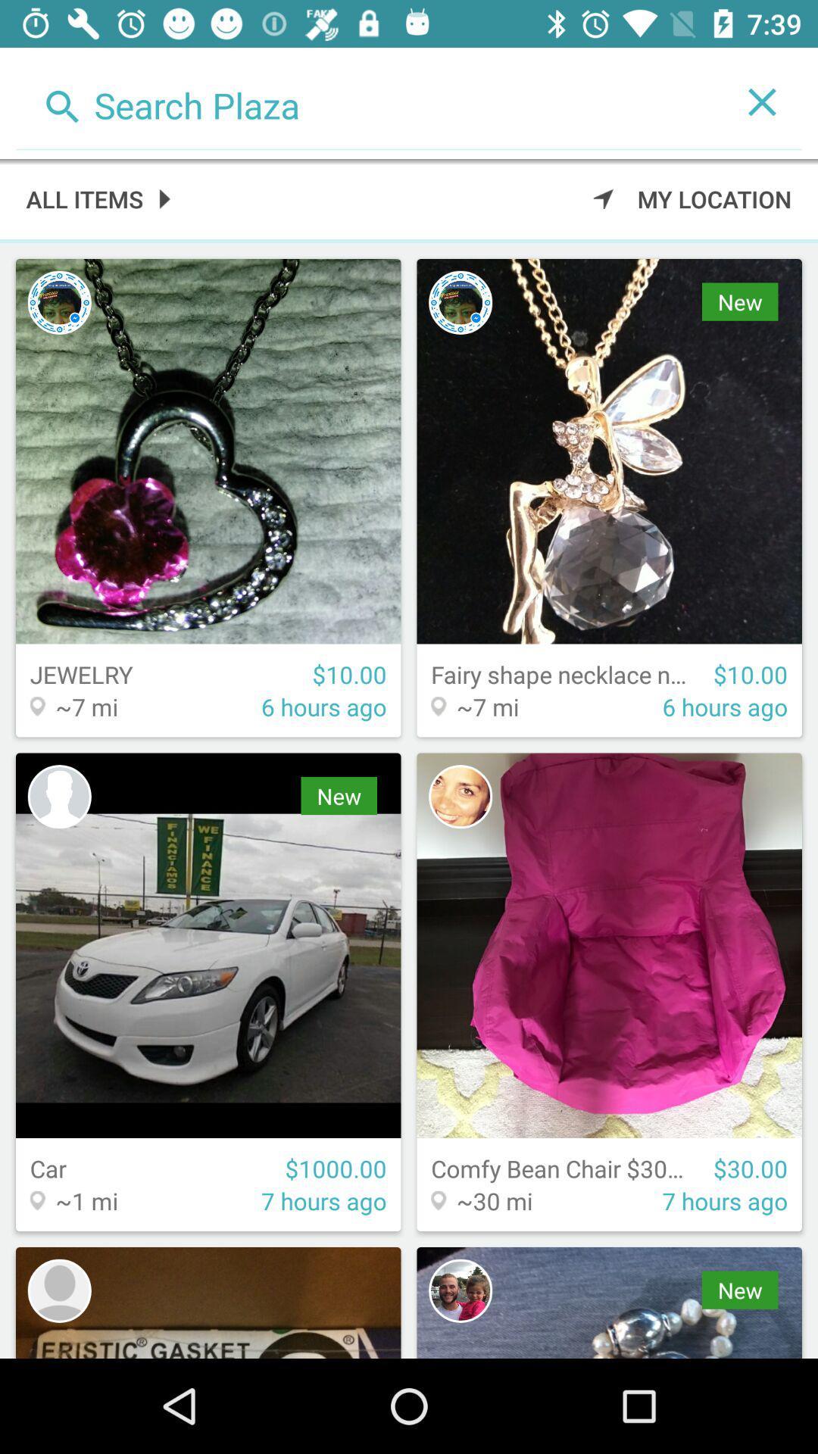 Image resolution: width=818 pixels, height=1454 pixels. I want to click on the my location icon, so click(692, 198).